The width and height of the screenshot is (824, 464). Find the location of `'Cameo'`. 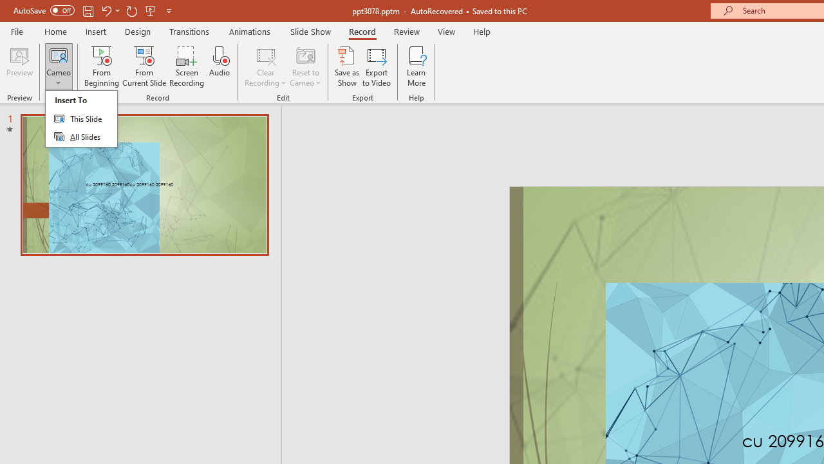

'Cameo' is located at coordinates (58, 54).